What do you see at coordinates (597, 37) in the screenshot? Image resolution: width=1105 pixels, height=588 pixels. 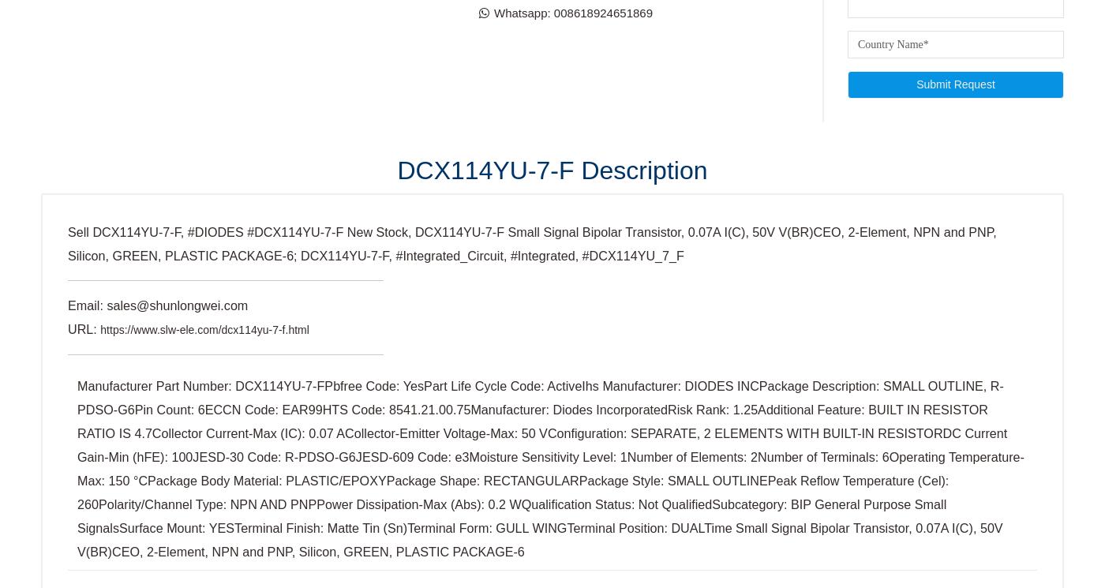 I see `'LCD Displays'` at bounding box center [597, 37].